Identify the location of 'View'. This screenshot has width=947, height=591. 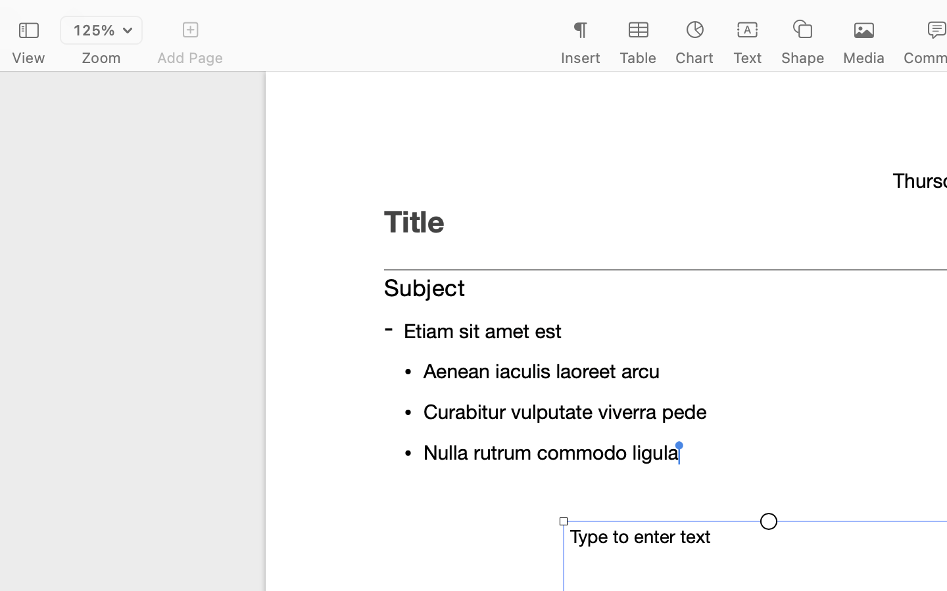
(28, 57).